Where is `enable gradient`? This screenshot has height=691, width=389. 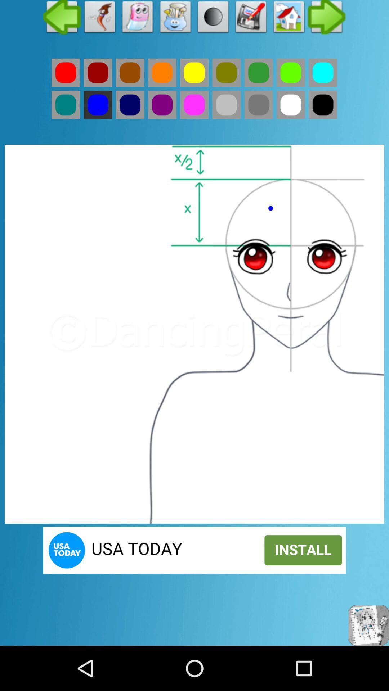
enable gradient is located at coordinates (213, 19).